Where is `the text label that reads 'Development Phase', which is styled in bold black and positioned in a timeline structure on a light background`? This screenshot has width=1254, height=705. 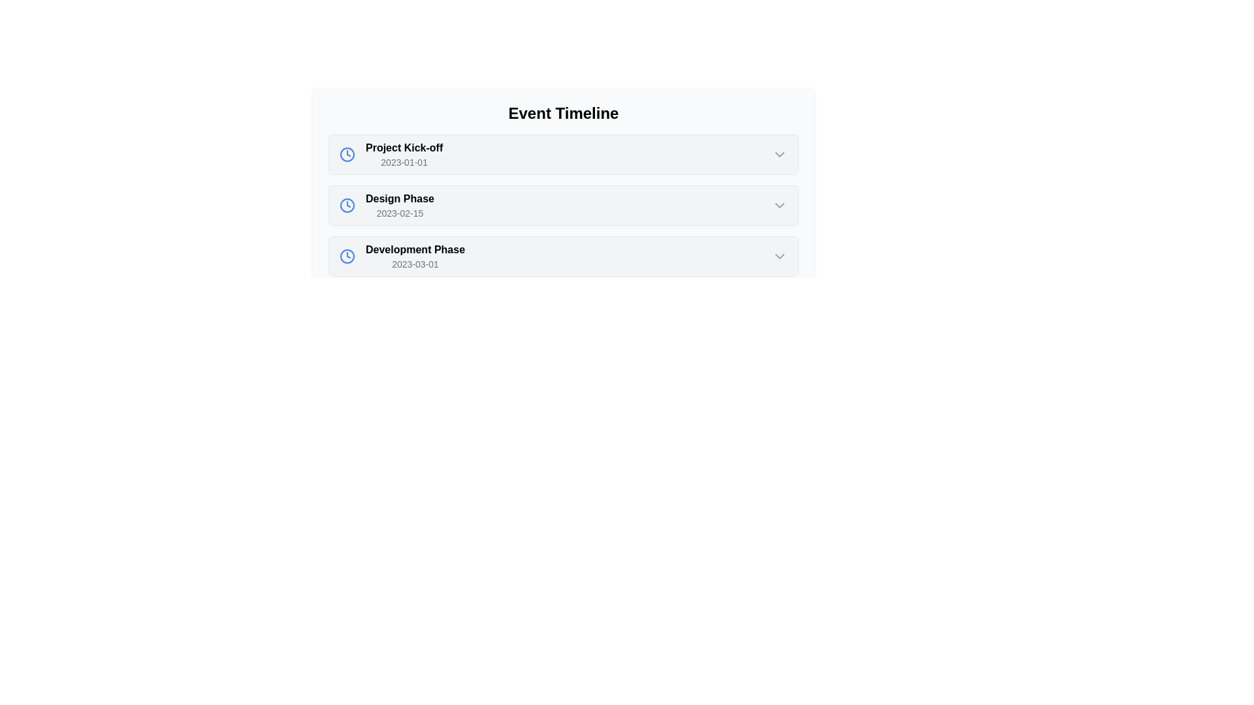 the text label that reads 'Development Phase', which is styled in bold black and positioned in a timeline structure on a light background is located at coordinates (415, 249).